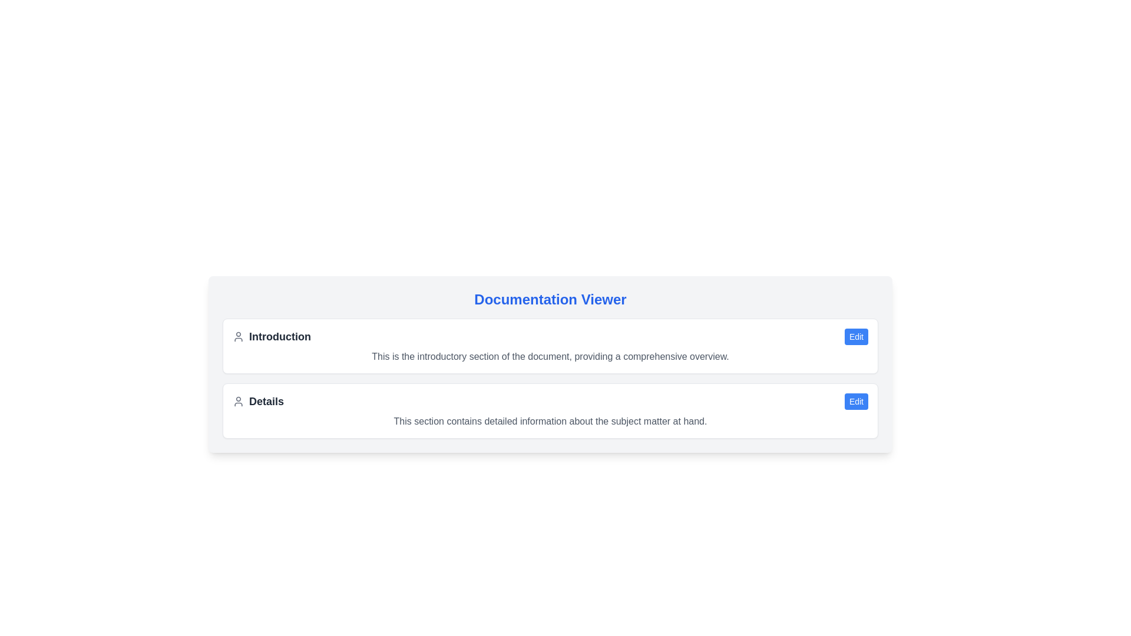 Image resolution: width=1131 pixels, height=636 pixels. I want to click on the paragraph of text styled in gray color that reads, 'This is the introductory section of the document, providing a comprehensive overview.' located below the 'Introduction' header and aligned with the 'Edit' button, so click(550, 356).